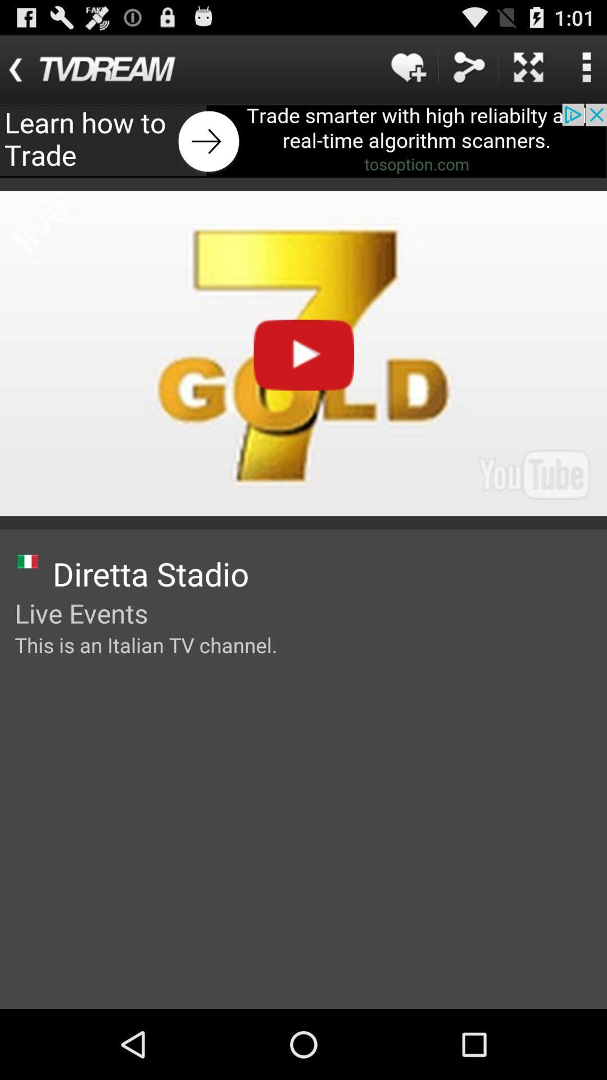 The width and height of the screenshot is (607, 1080). I want to click on expand, so click(528, 66).